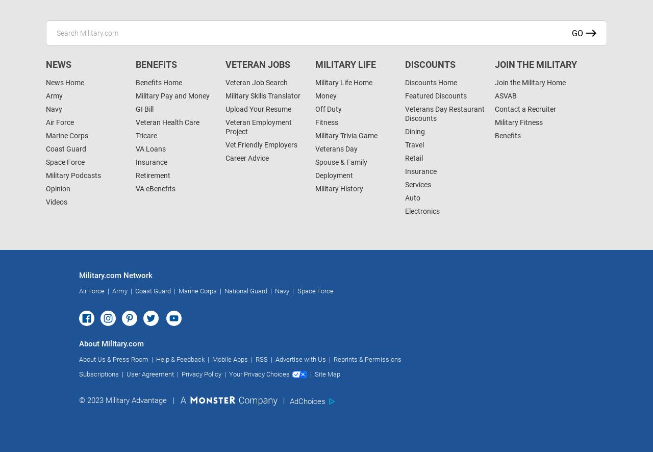 Image resolution: width=653 pixels, height=452 pixels. What do you see at coordinates (115, 275) in the screenshot?
I see `'Military.com Network'` at bounding box center [115, 275].